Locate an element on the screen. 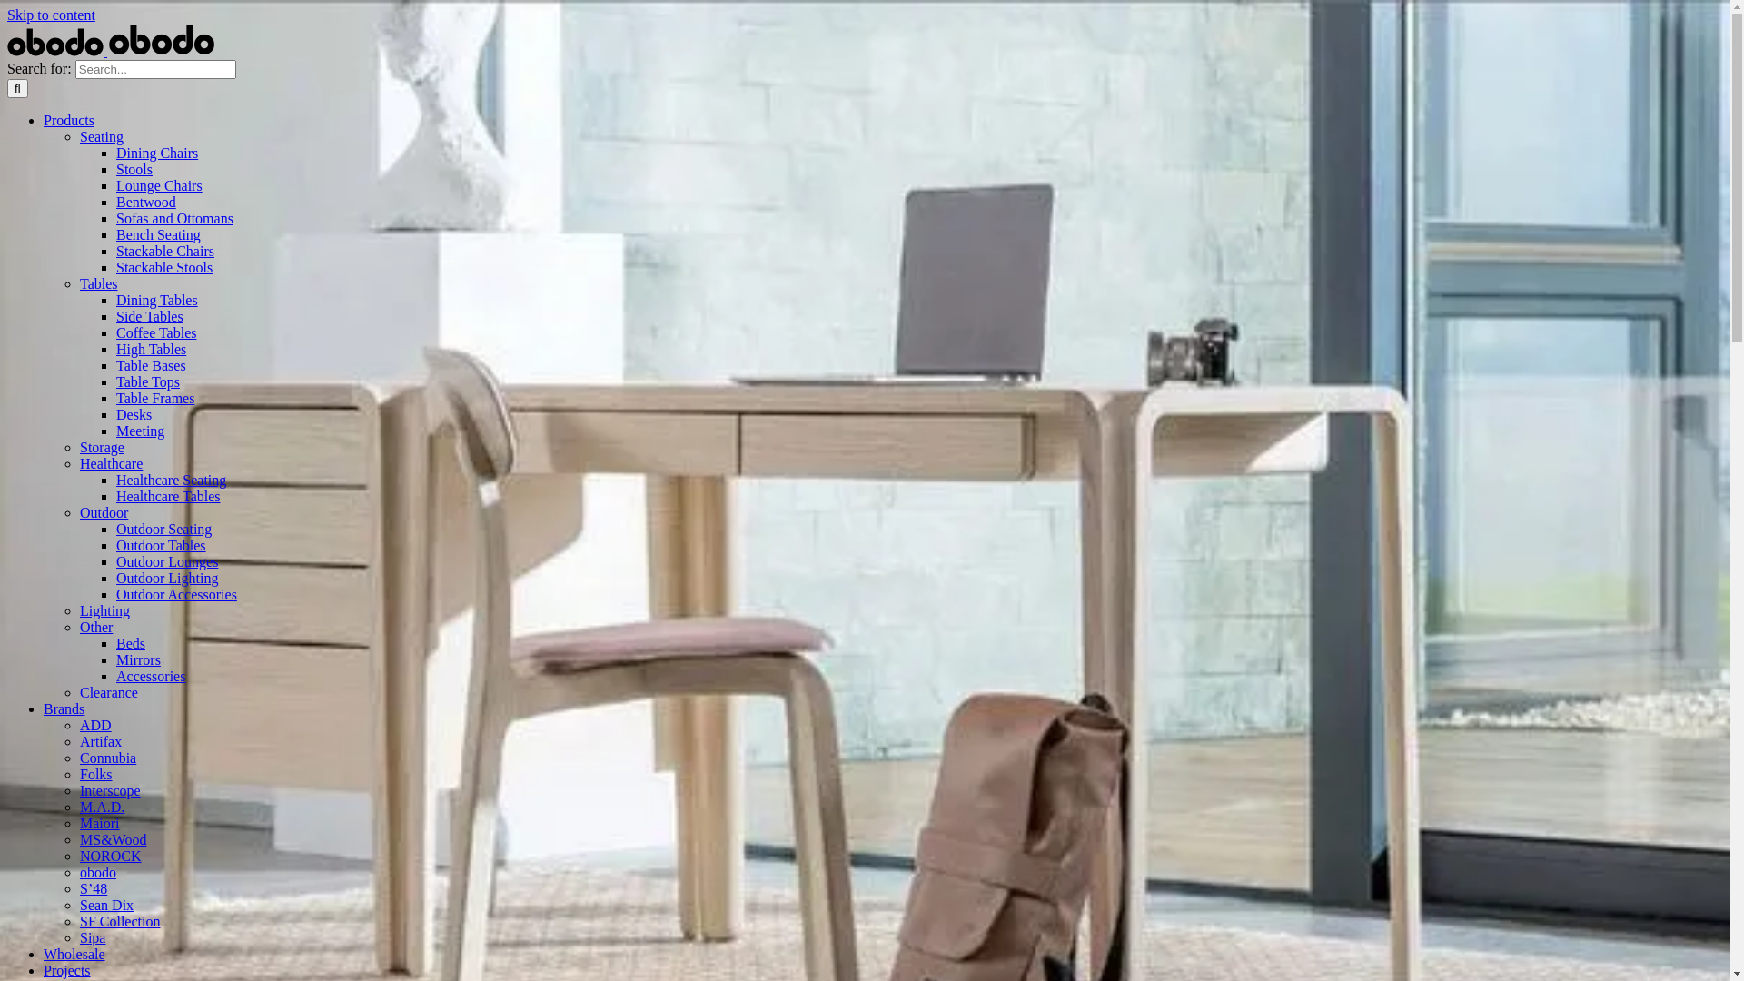  'Stackable Stools' is located at coordinates (164, 267).